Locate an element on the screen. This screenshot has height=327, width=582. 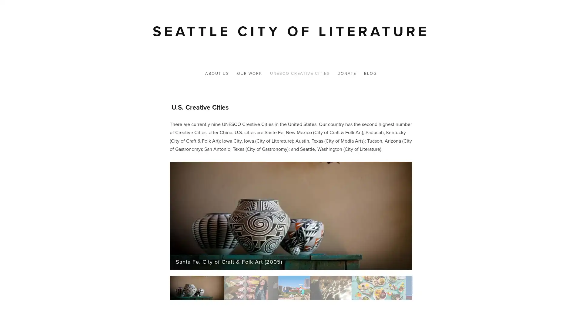
Slide 4 is located at coordinates (327, 288).